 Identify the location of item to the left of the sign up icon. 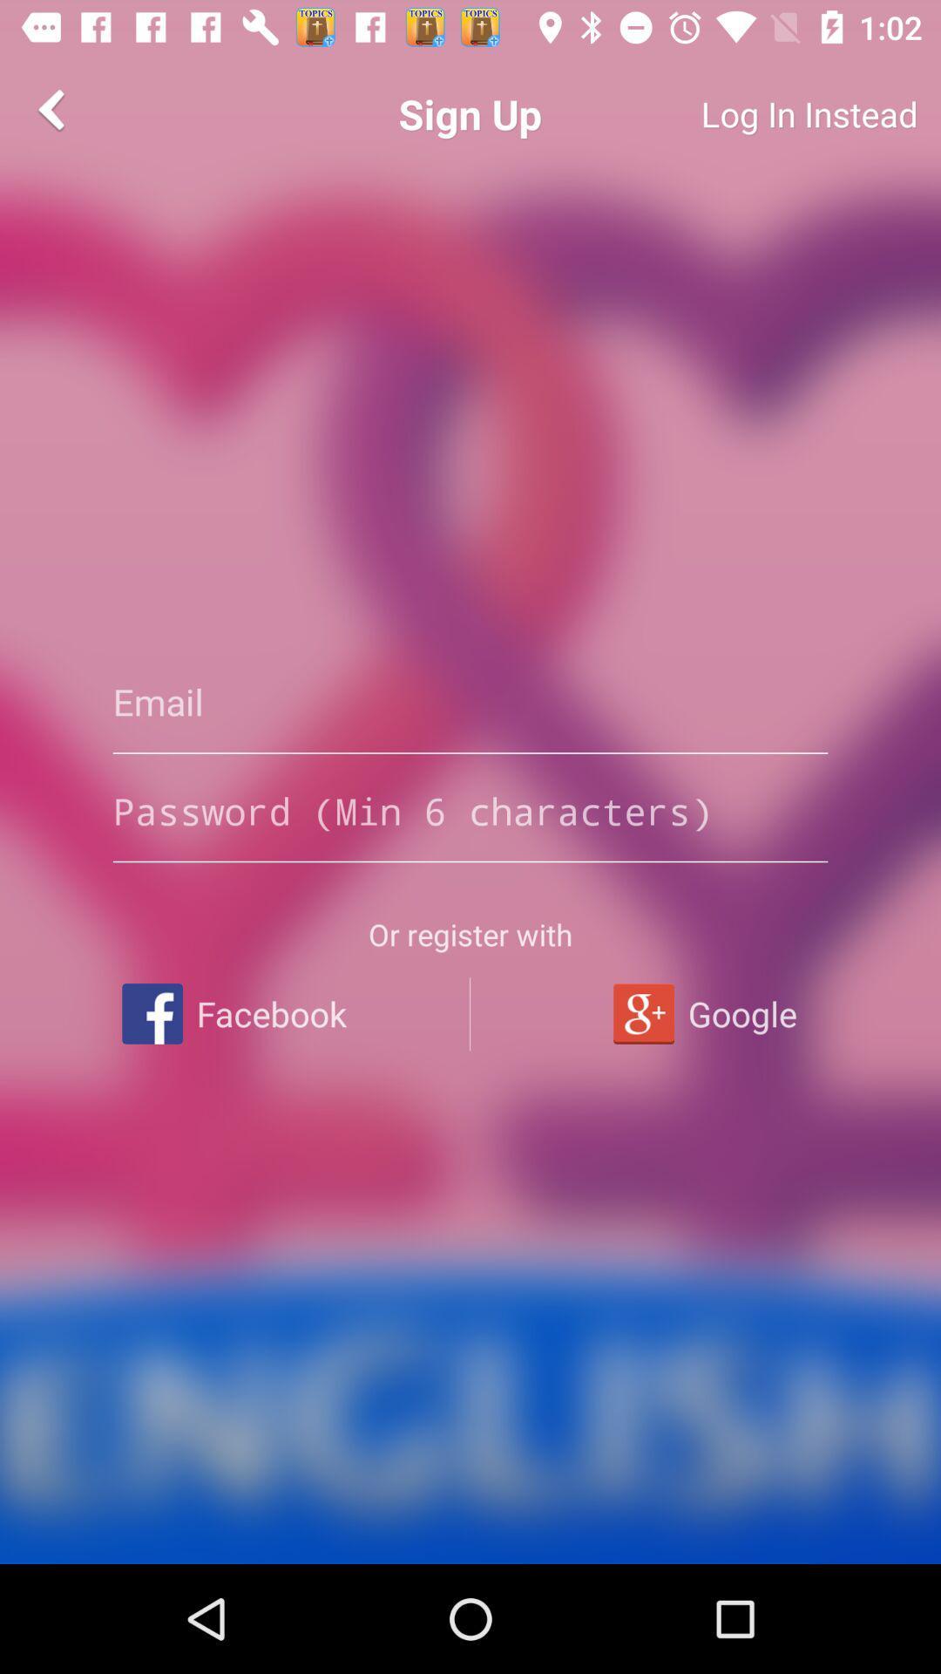
(53, 108).